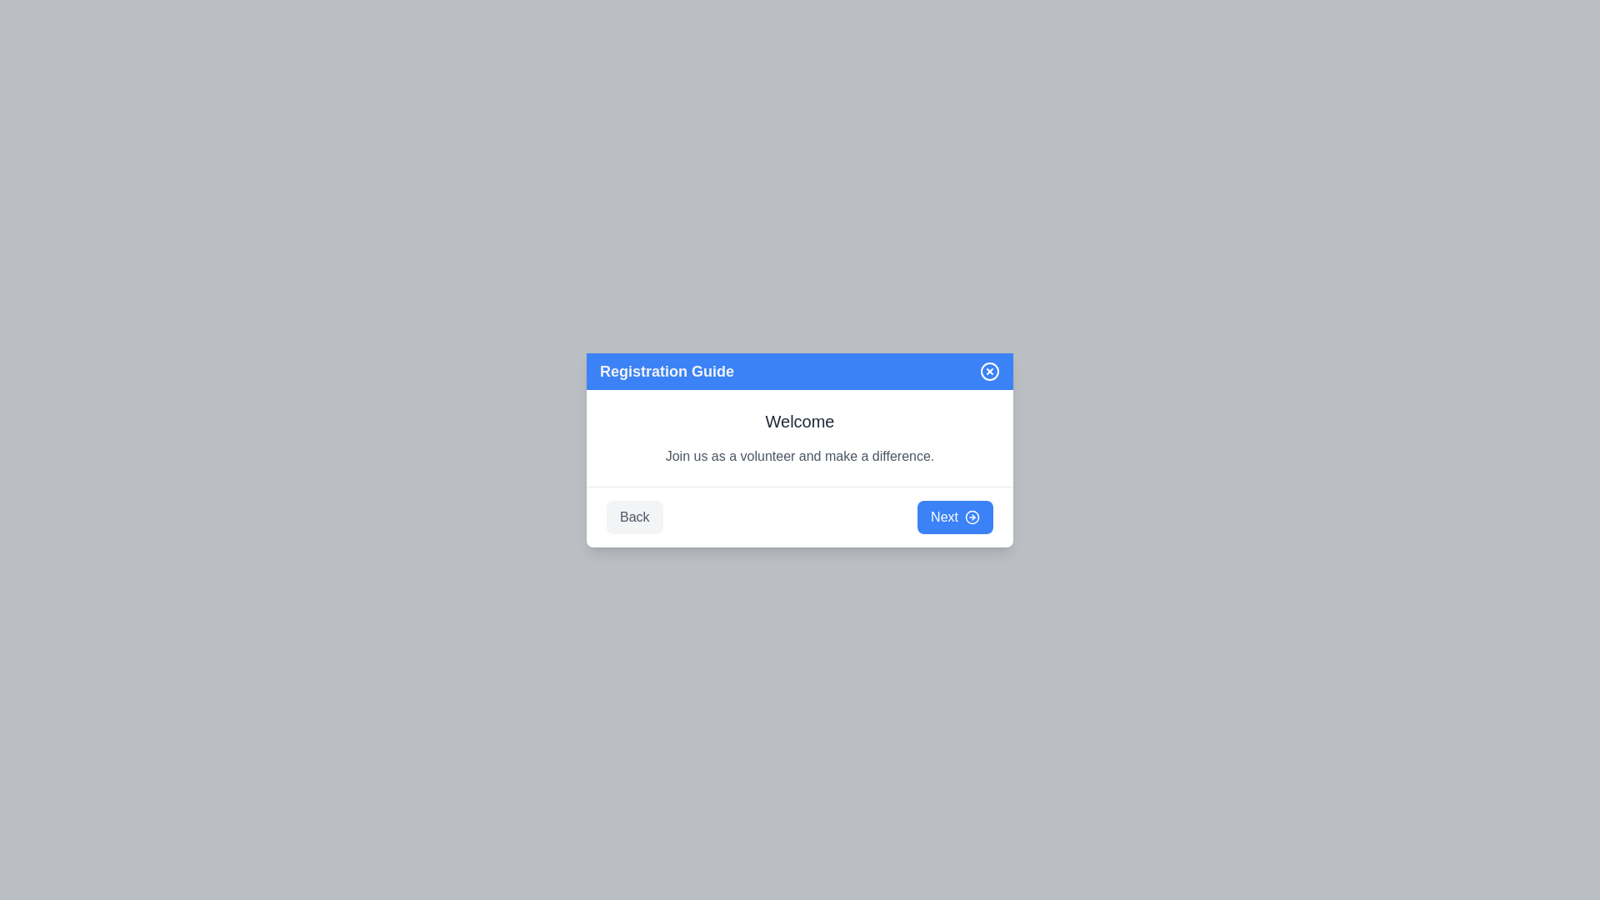  Describe the element at coordinates (800, 456) in the screenshot. I see `the informational text label below the heading 'Welcome' in the modal dialog` at that location.